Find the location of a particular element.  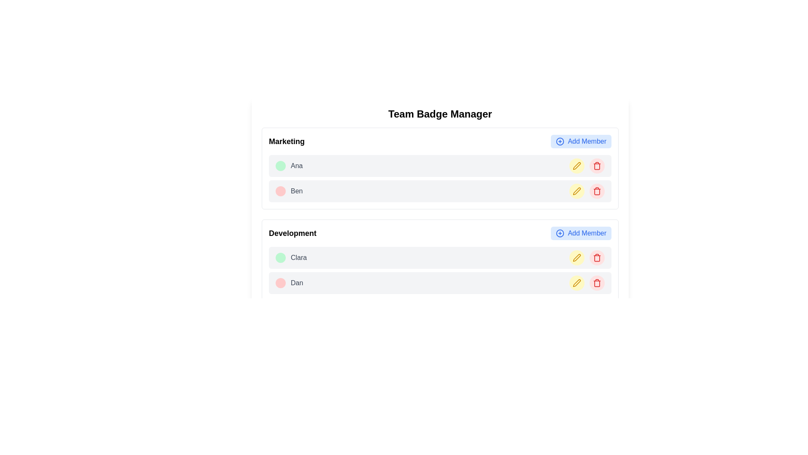

the SVG circle element representing the 'circle plus' icon within the 'Add Member' button of the 'Development' section in the 'Team Badge Manager' interface is located at coordinates (560, 233).